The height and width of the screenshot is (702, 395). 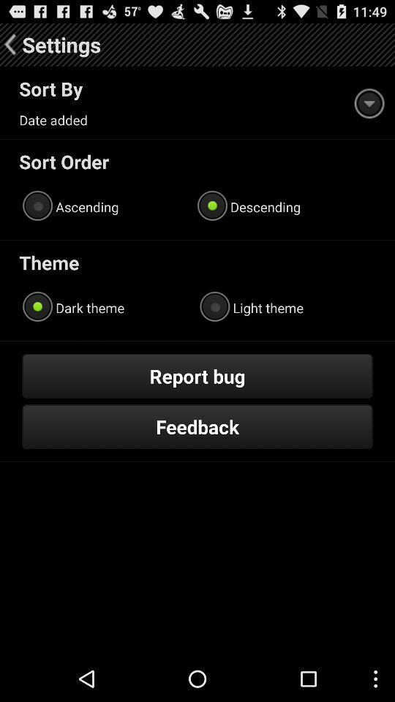 I want to click on the arrow_backward icon, so click(x=10, y=48).